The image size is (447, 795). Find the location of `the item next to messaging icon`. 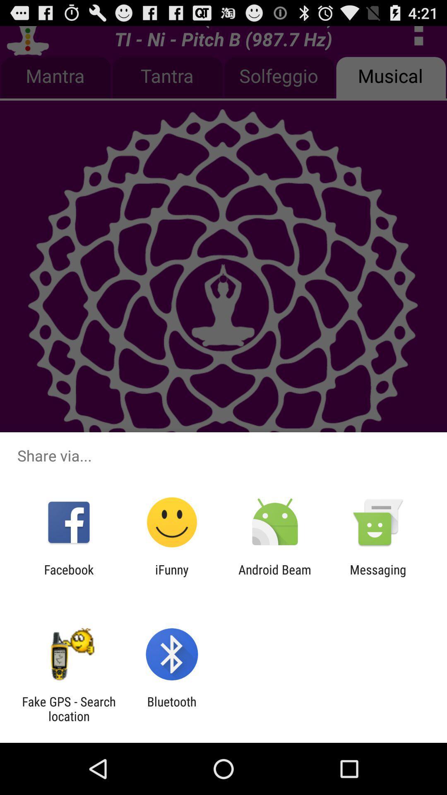

the item next to messaging icon is located at coordinates (275, 576).